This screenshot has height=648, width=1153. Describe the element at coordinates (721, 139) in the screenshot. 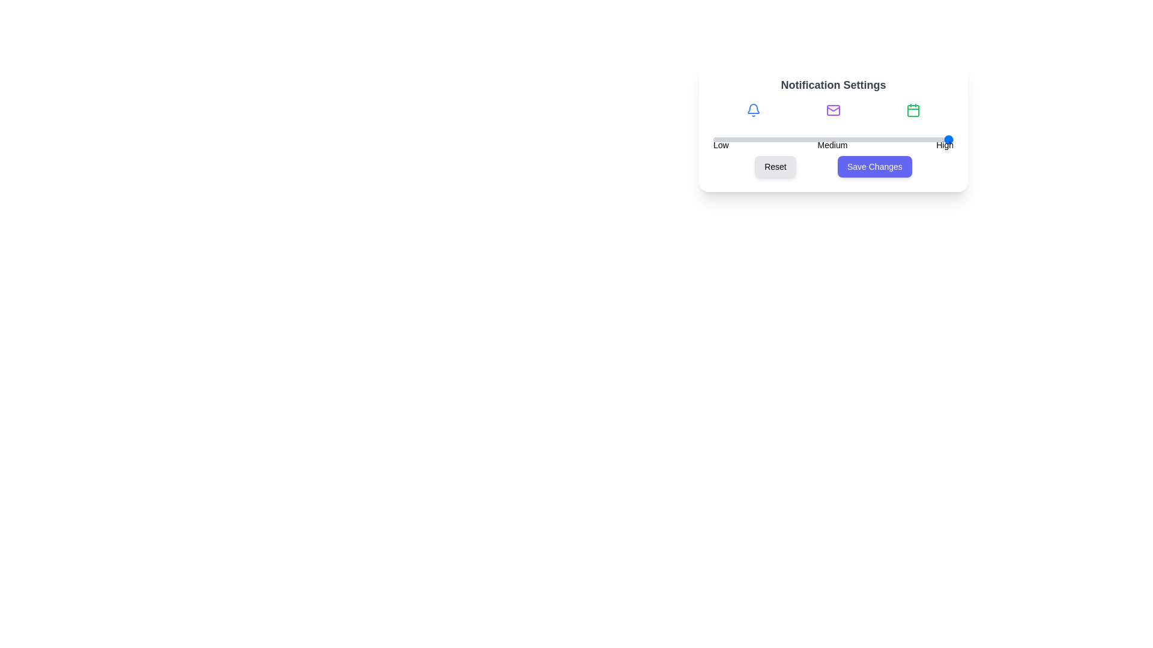

I see `the slider to align with the label Low` at that location.